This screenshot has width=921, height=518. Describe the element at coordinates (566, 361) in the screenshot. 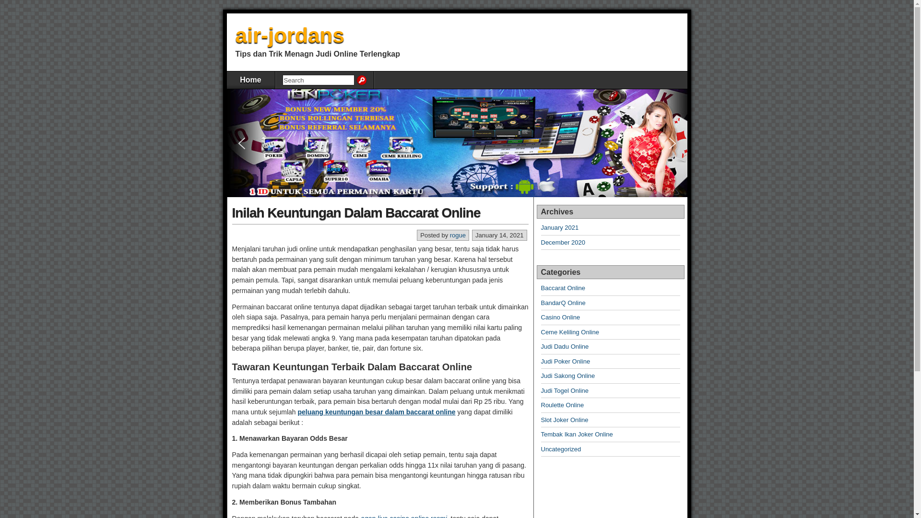

I see `'Judi Poker Online'` at that location.